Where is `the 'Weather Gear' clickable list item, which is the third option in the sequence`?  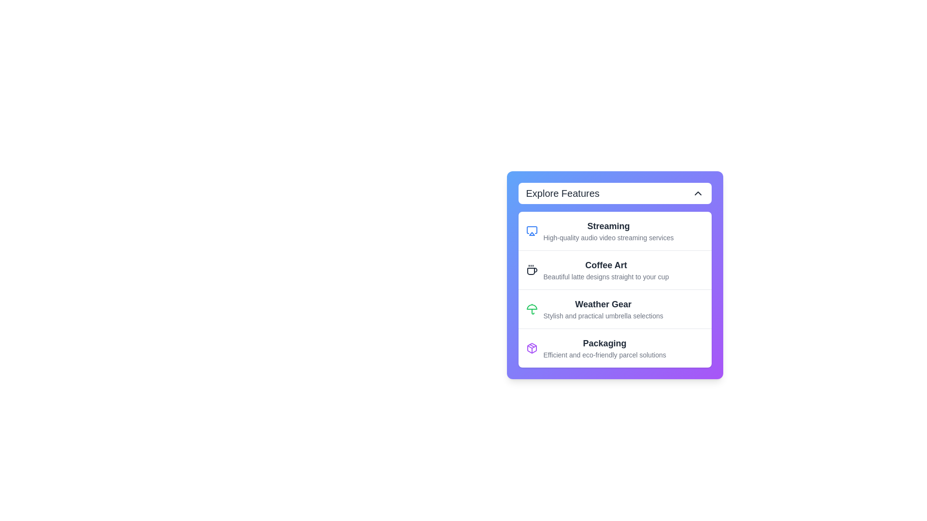
the 'Weather Gear' clickable list item, which is the third option in the sequence is located at coordinates (614, 309).